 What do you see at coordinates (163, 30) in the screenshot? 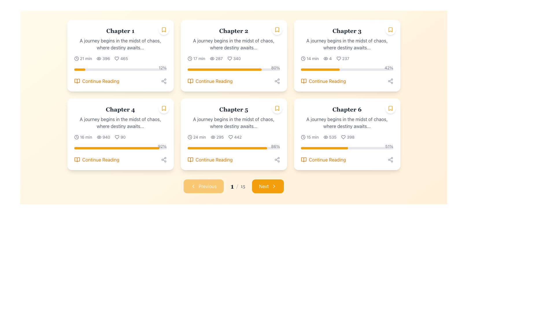
I see `the bookmark toggle icon located in the top-right corner of the first card labeled 'Chapter 1'` at bounding box center [163, 30].